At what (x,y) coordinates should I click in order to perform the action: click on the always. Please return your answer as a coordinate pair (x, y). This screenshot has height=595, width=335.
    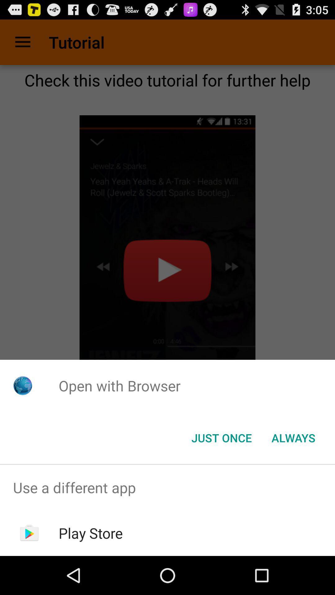
    Looking at the image, I should click on (293, 437).